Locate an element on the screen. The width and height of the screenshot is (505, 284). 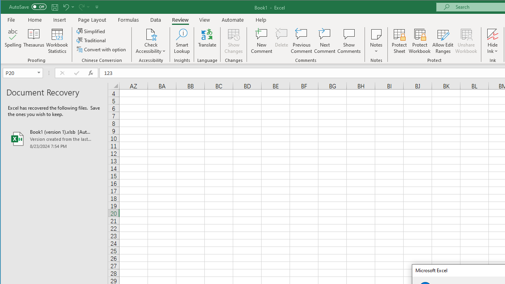
'Workbook Statistics' is located at coordinates (57, 41).